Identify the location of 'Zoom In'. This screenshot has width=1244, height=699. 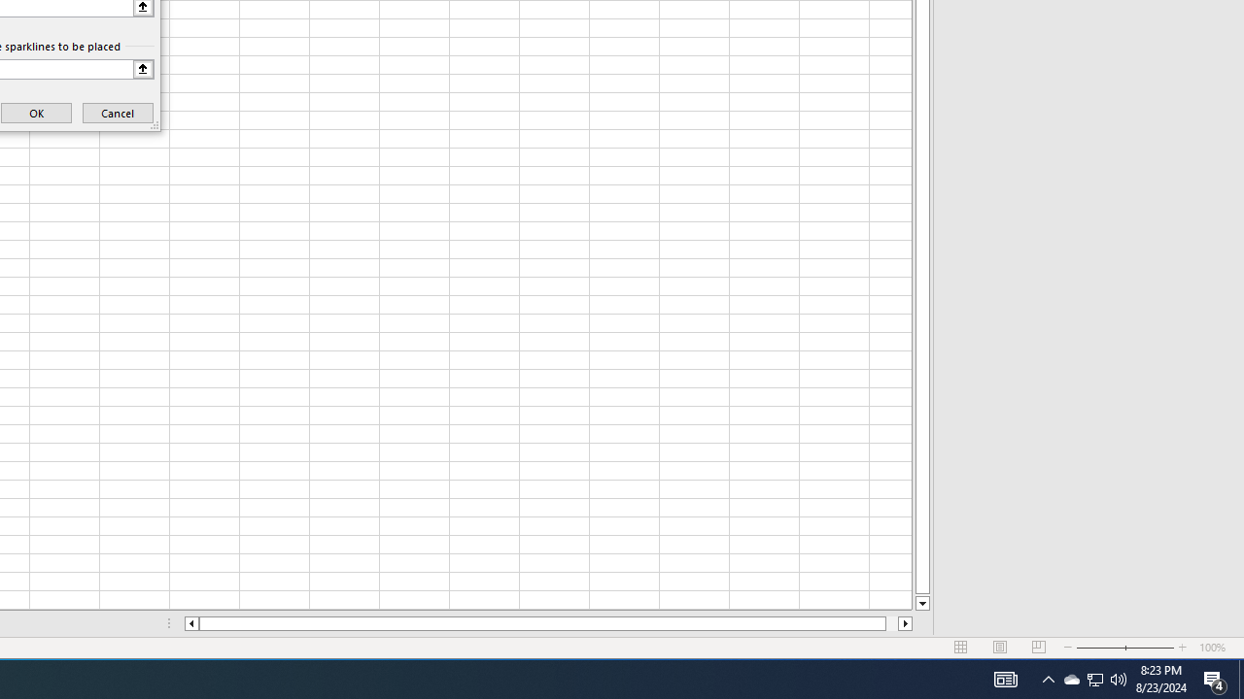
(1182, 648).